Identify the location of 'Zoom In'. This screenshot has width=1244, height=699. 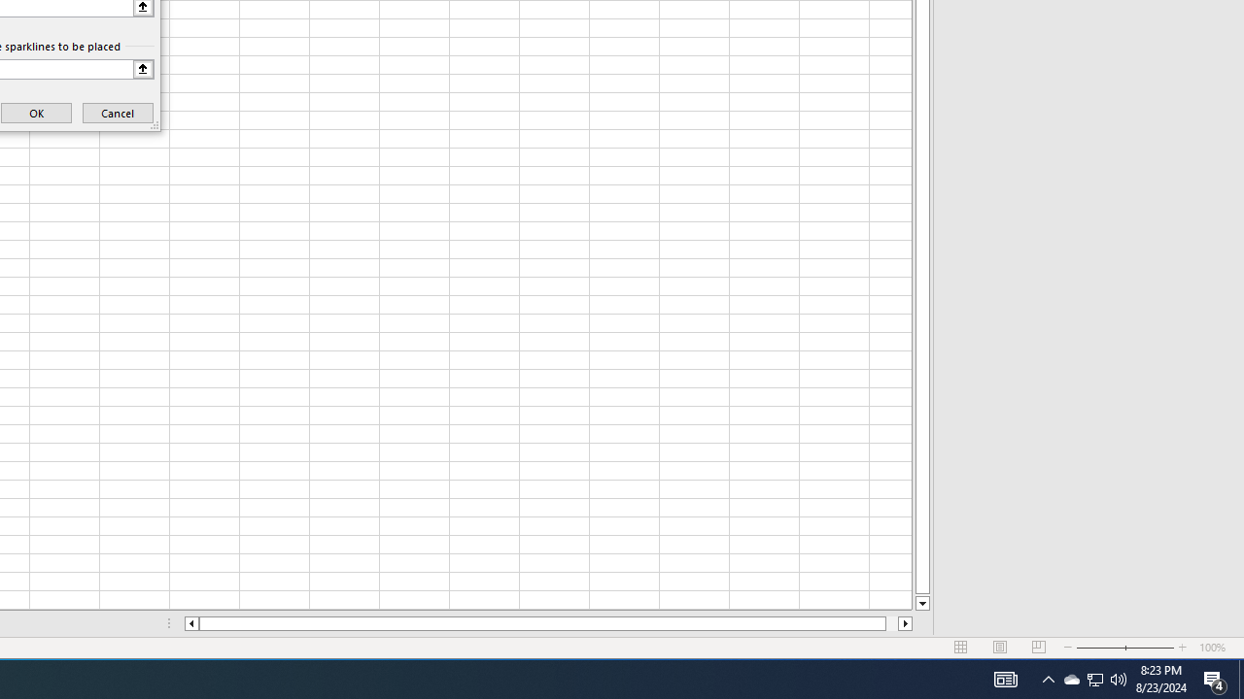
(1182, 648).